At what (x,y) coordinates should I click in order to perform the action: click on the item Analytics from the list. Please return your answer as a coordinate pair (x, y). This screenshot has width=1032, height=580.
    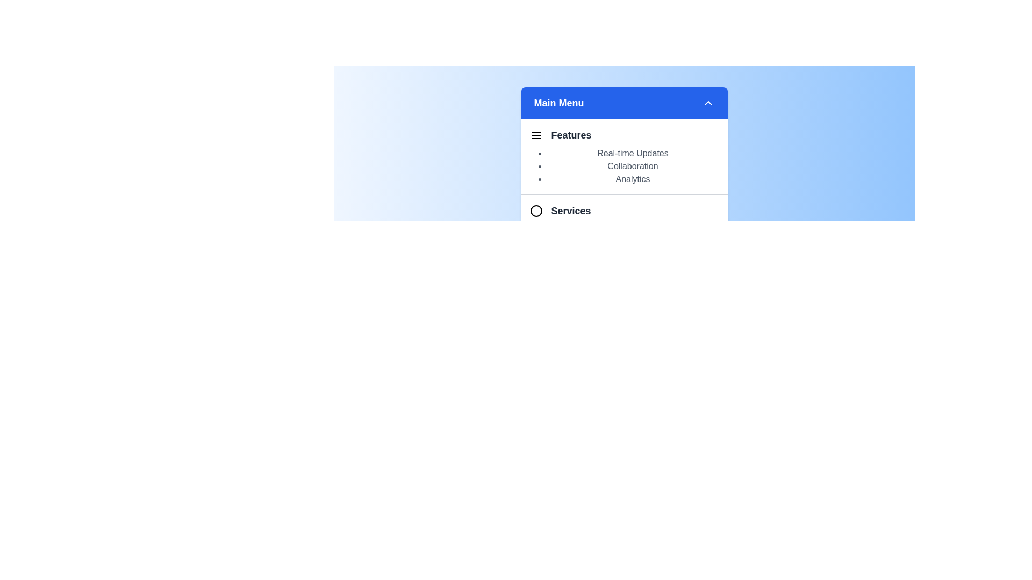
    Looking at the image, I should click on (633, 179).